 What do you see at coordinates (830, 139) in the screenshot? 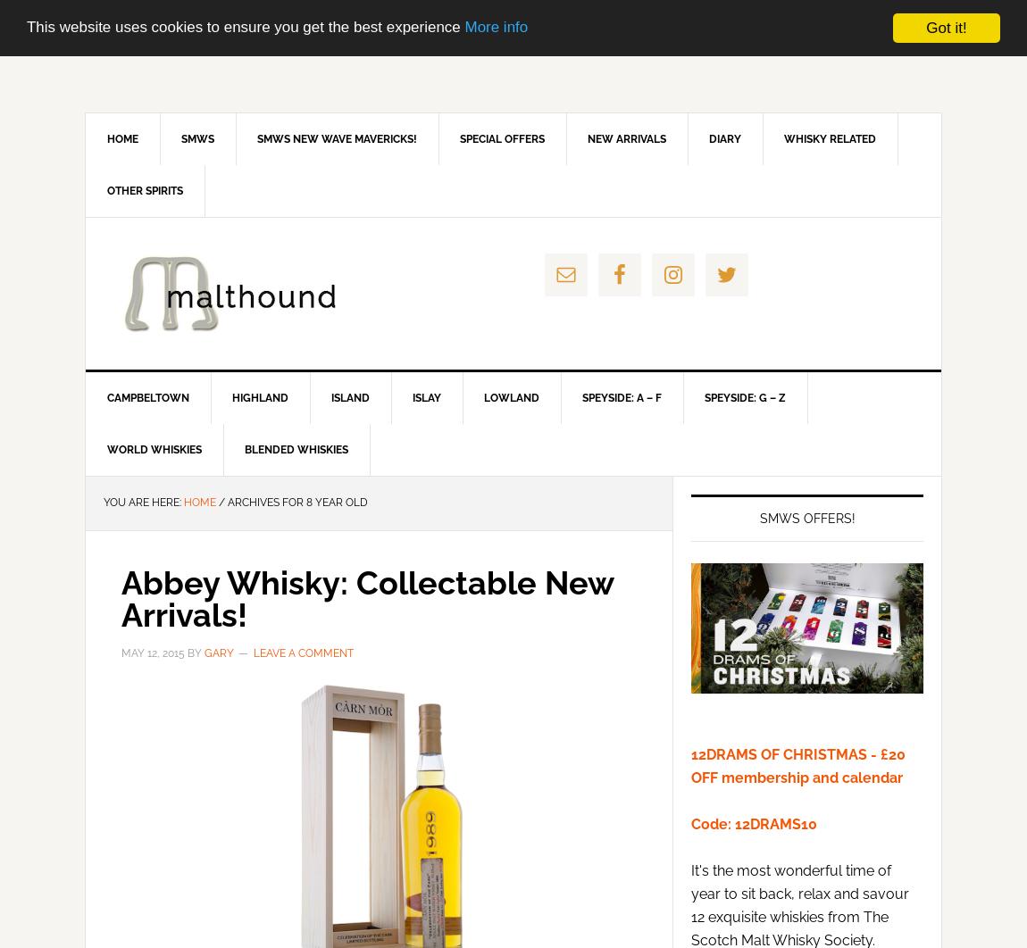
I see `'Whisky Related'` at bounding box center [830, 139].